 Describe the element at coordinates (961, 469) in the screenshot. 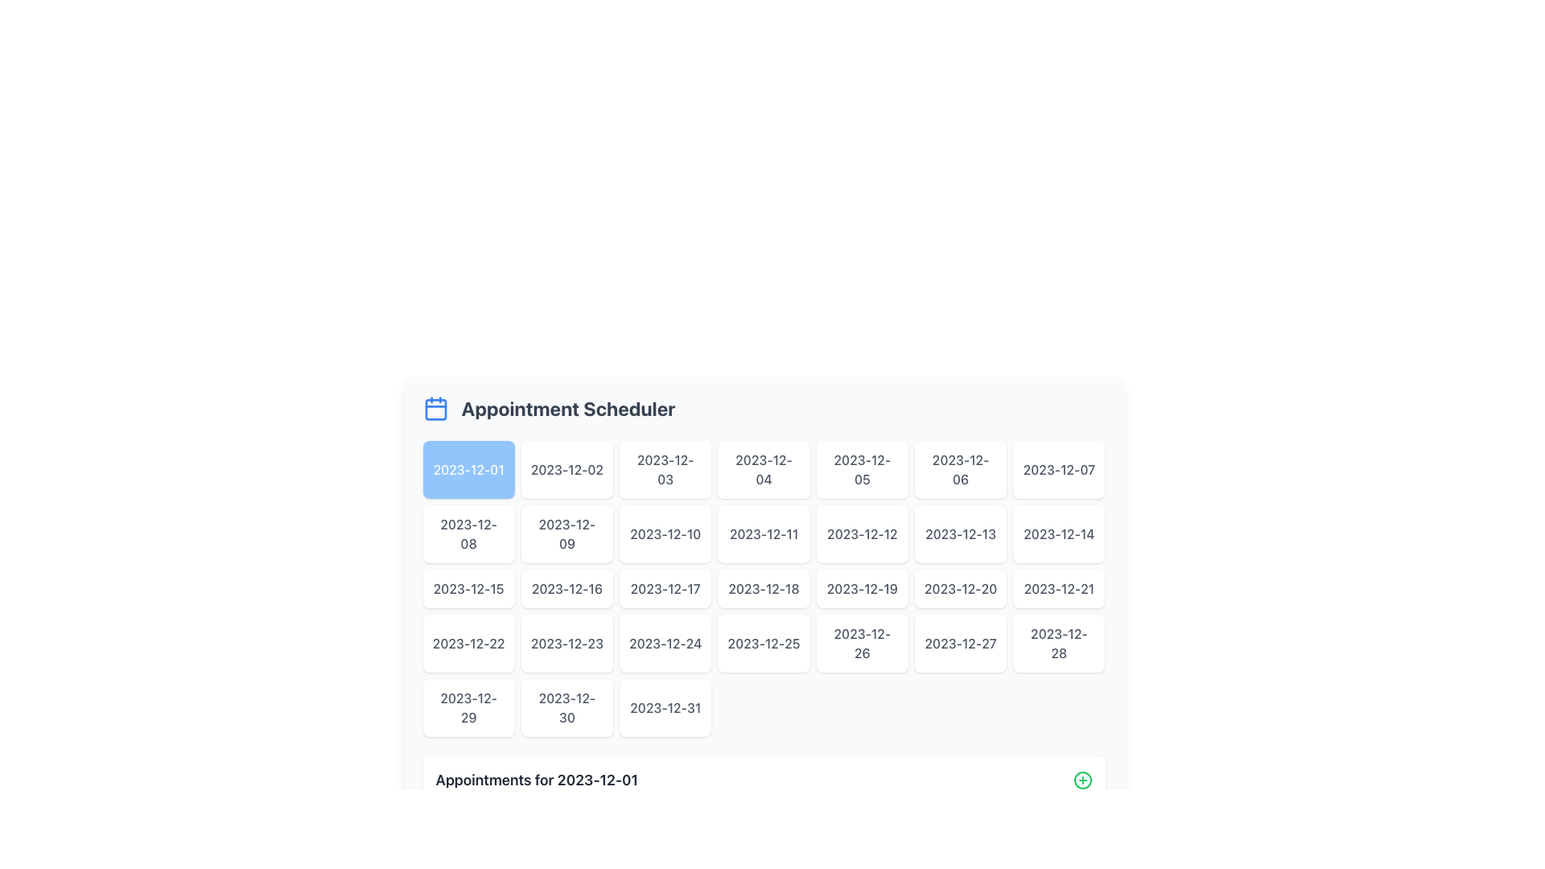

I see `the button labeled '2023-12-06', which is a rectangular button with rounded corners, a white background, and gray text` at that location.